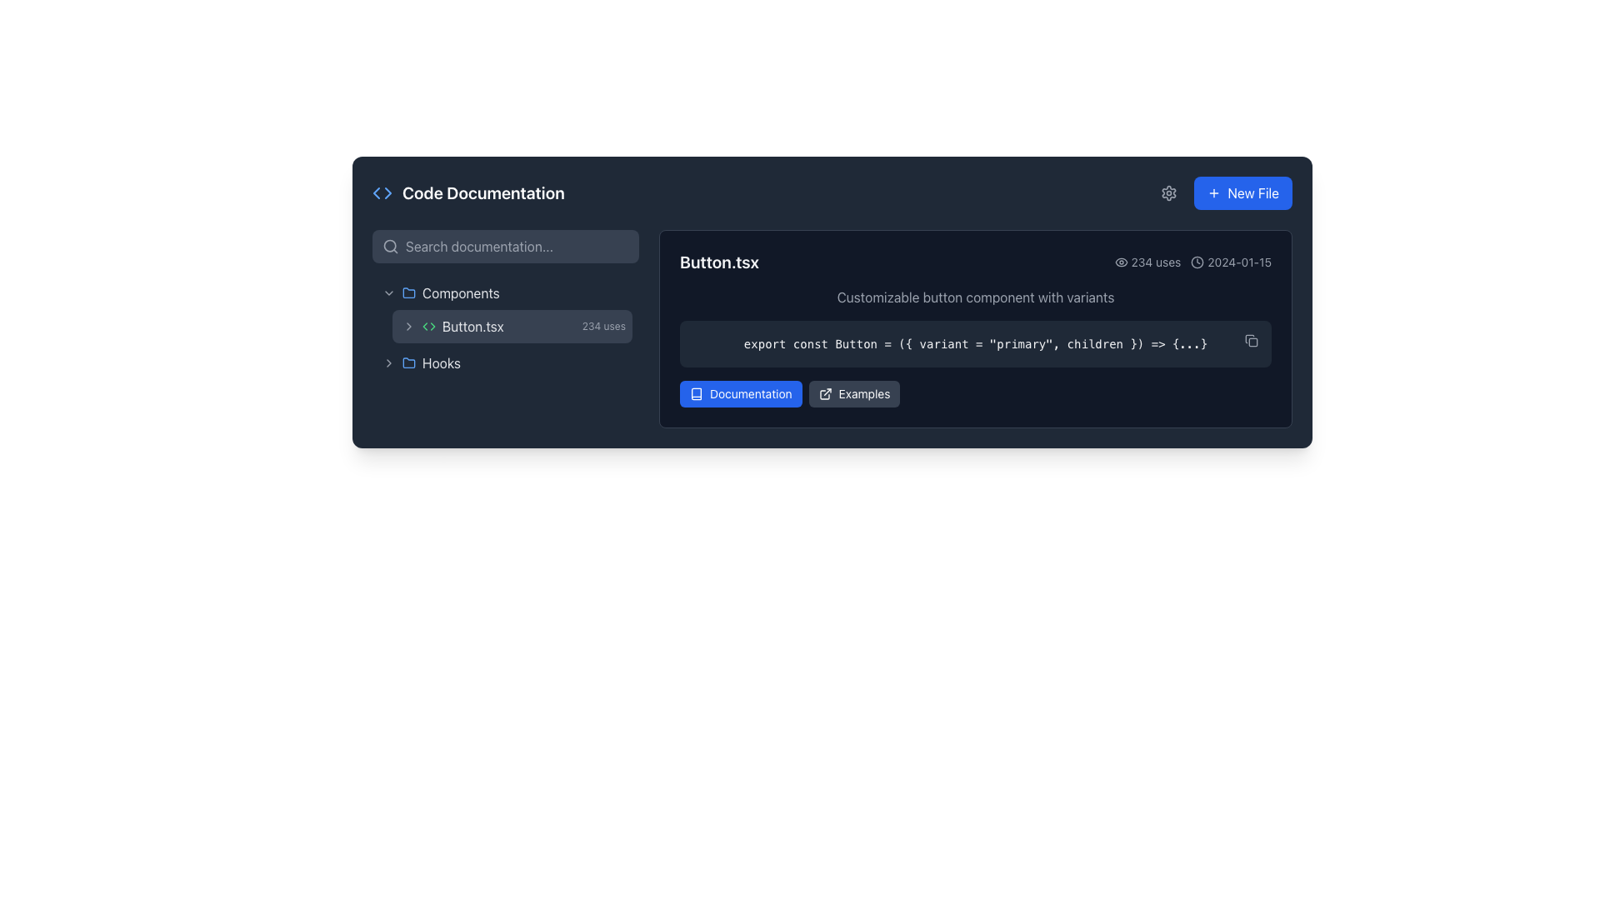  What do you see at coordinates (387, 362) in the screenshot?
I see `the chevron icon that serves as an interactive toggle for expanding or collapsing the 'Hooks' section, located at the start of the group associated with 'Hooks'` at bounding box center [387, 362].